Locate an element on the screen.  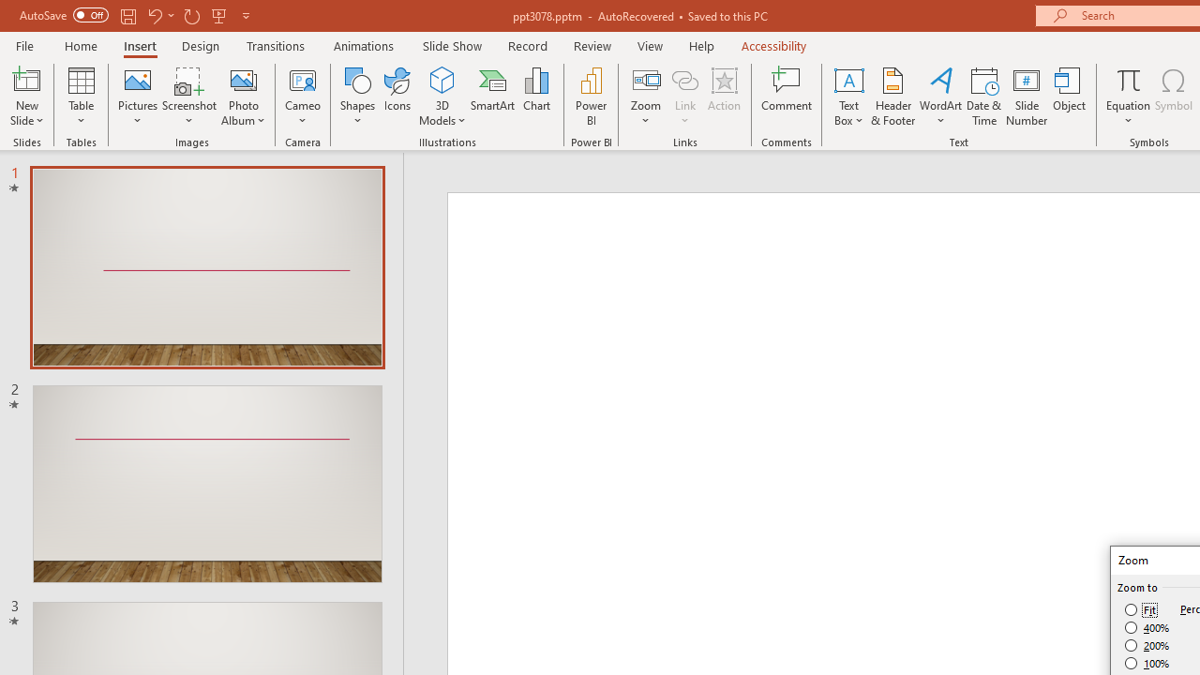
'Icons' is located at coordinates (397, 97).